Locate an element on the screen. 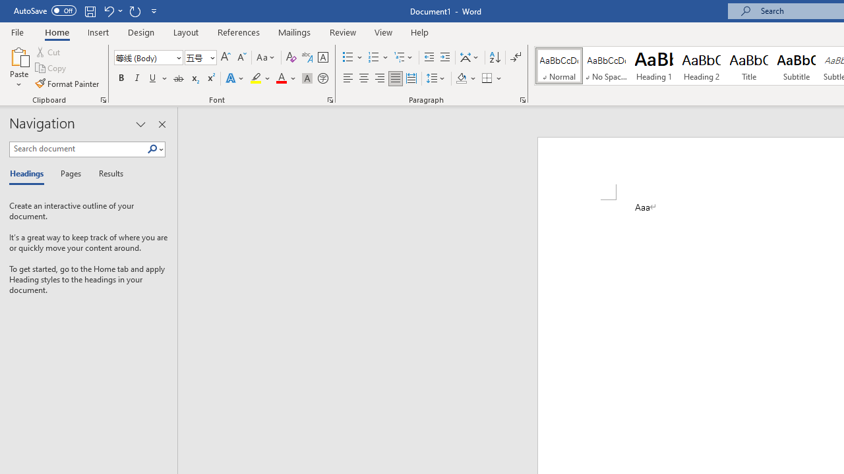 This screenshot has height=474, width=844. 'Increase Indent' is located at coordinates (445, 57).